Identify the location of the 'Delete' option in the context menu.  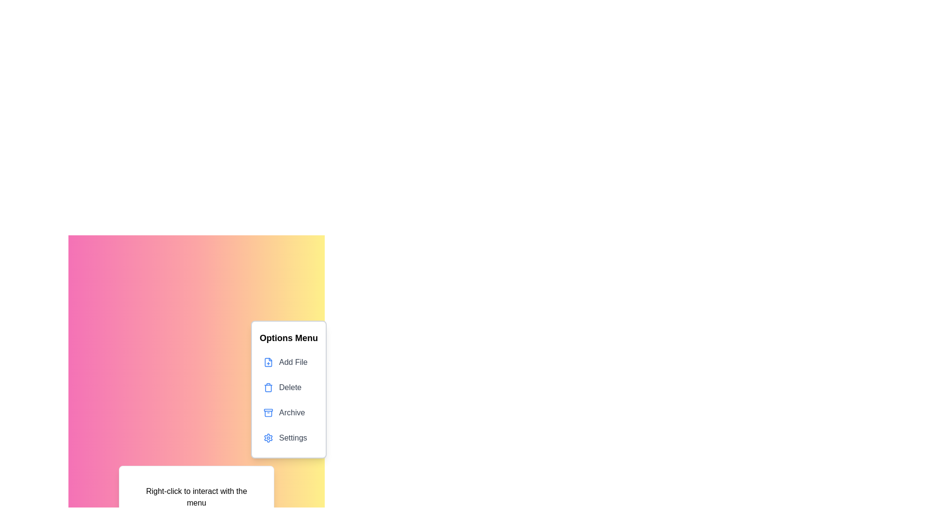
(288, 387).